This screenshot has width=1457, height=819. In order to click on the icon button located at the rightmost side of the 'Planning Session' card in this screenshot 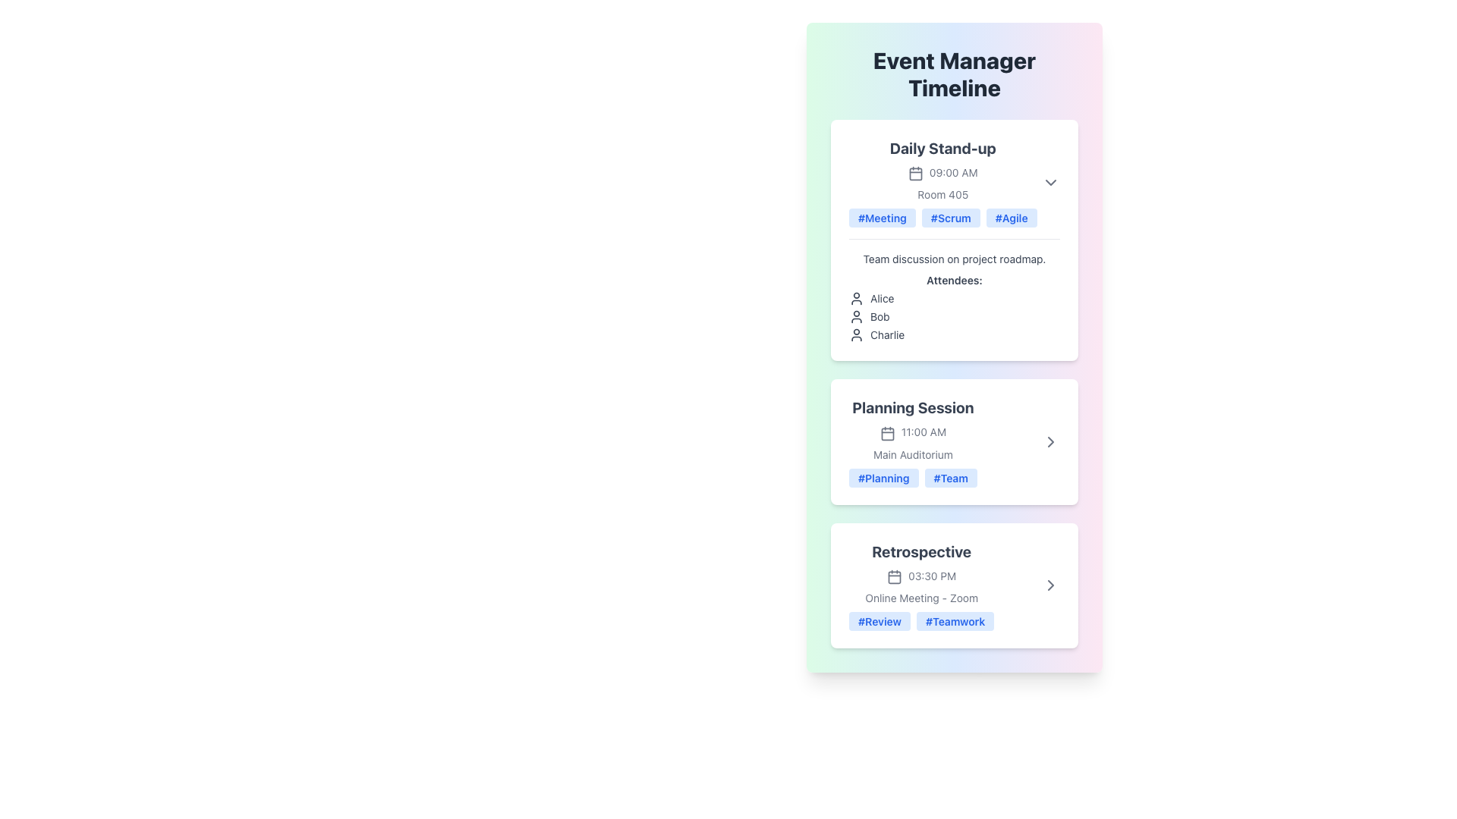, I will do `click(1050, 441)`.